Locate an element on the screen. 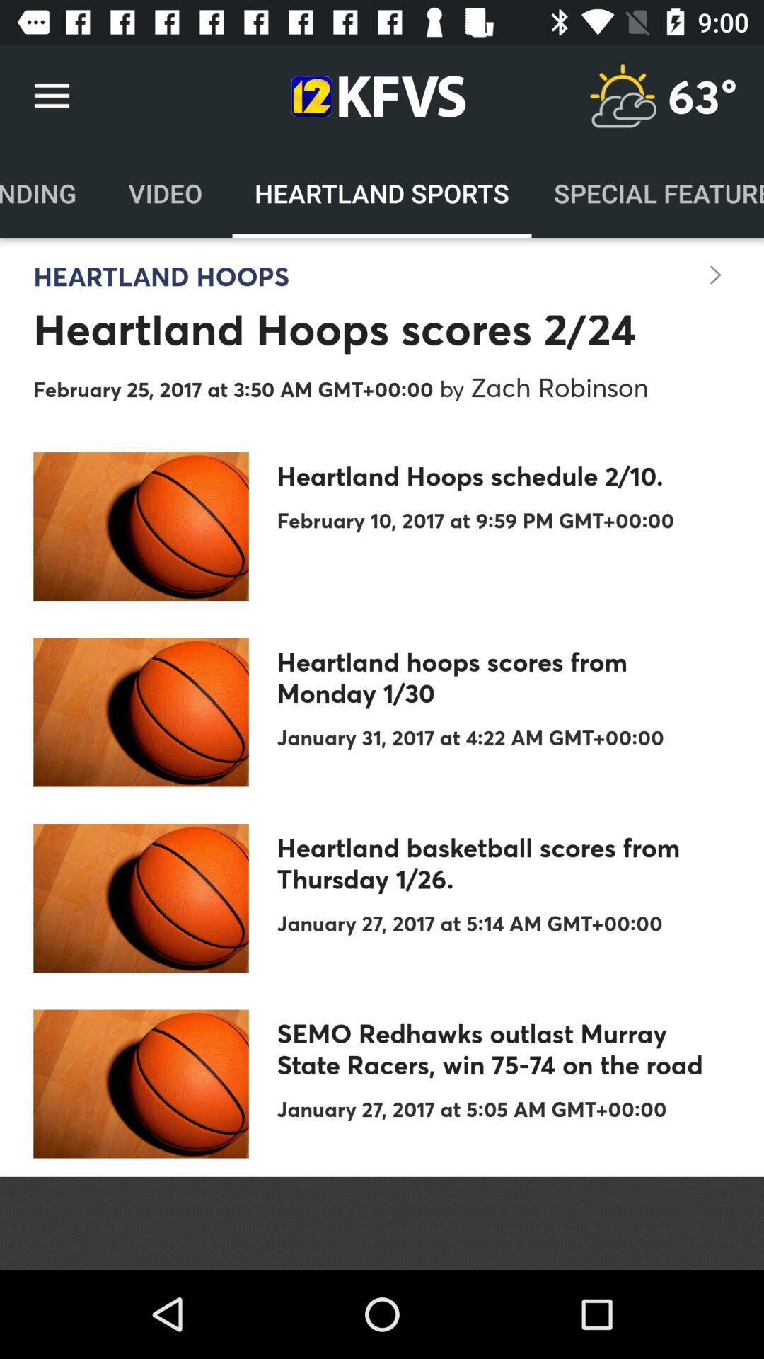 The width and height of the screenshot is (764, 1359). weather icon is located at coordinates (622, 96).